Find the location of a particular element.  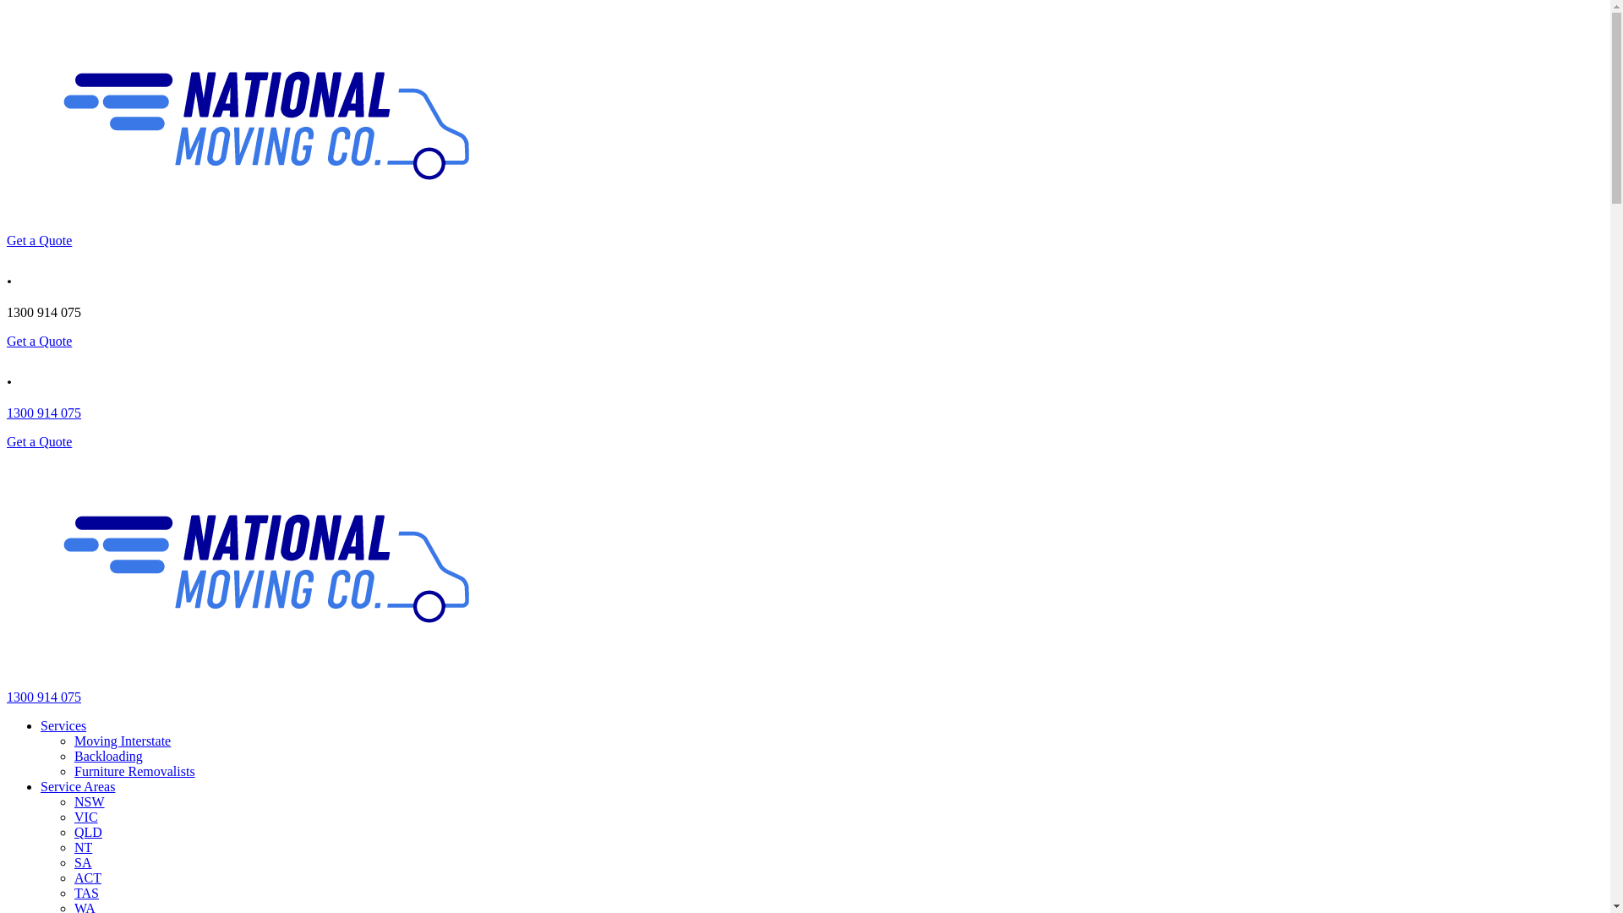

'TAS' is located at coordinates (85, 892).